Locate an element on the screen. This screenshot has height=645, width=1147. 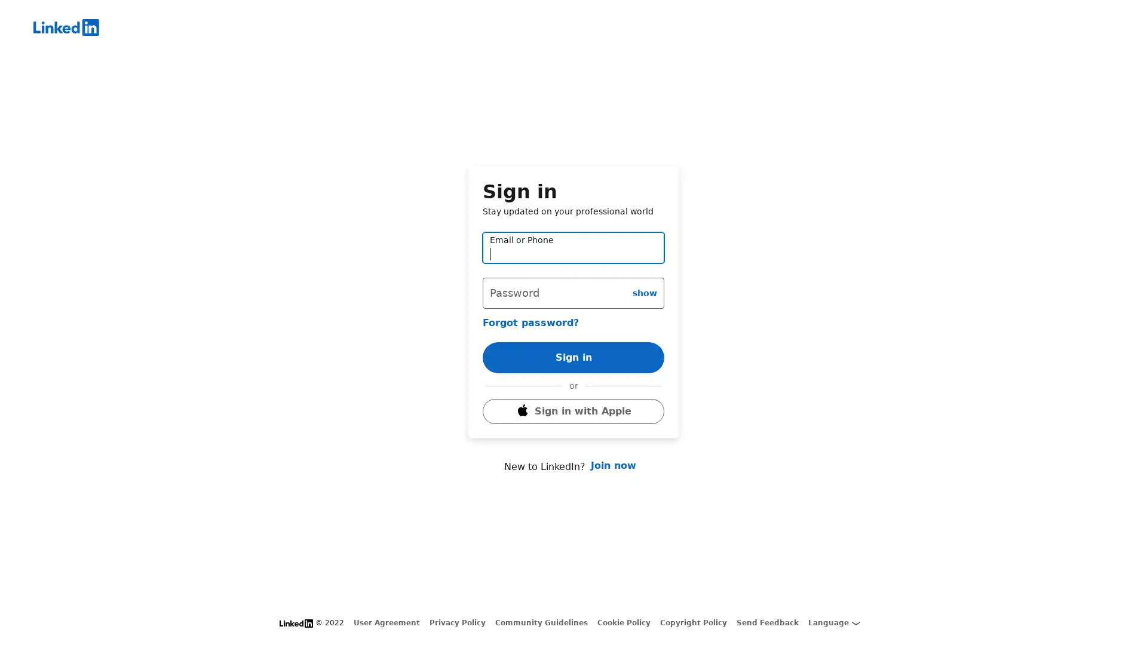
Sign in is located at coordinates (573, 340).